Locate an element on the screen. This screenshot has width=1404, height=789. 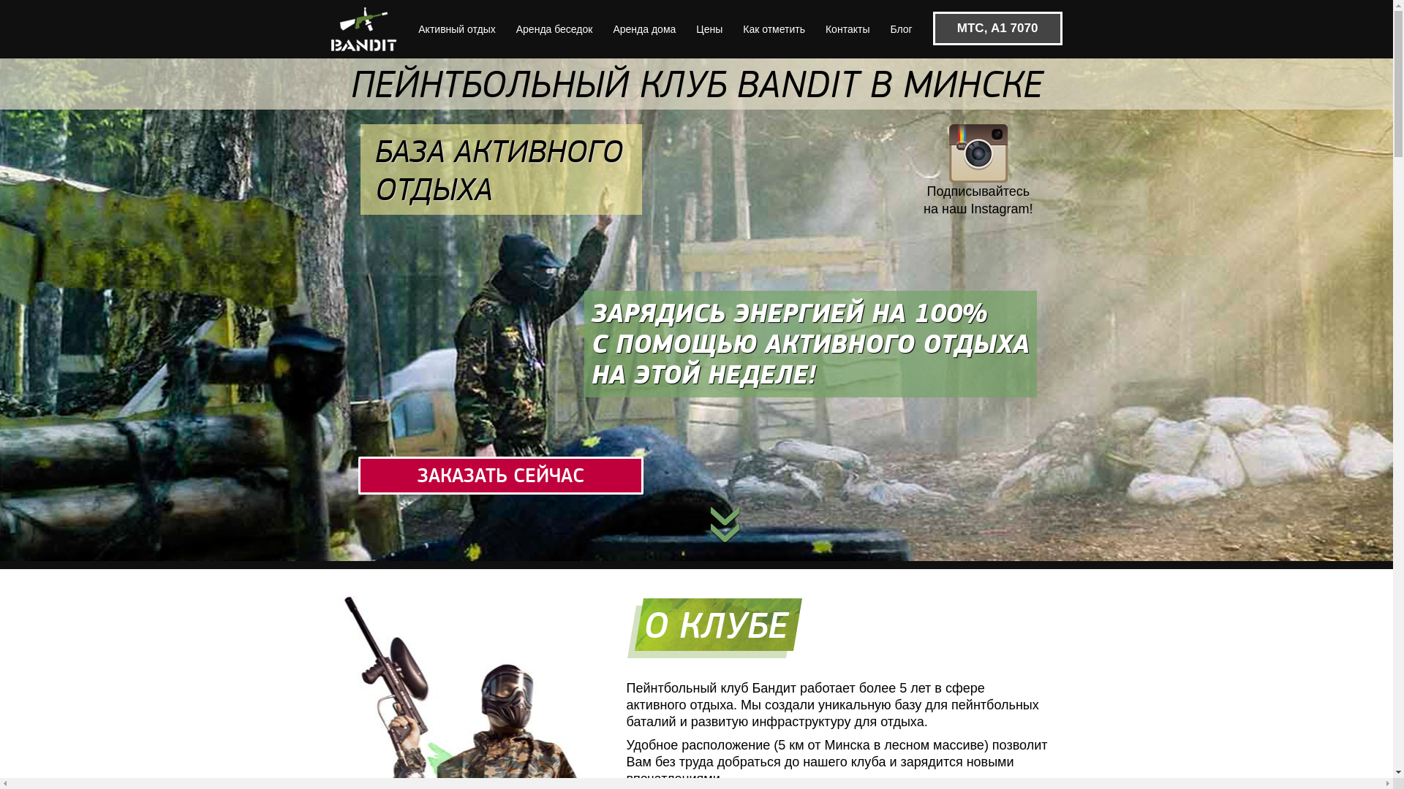
'bandit.by' is located at coordinates (364, 28).